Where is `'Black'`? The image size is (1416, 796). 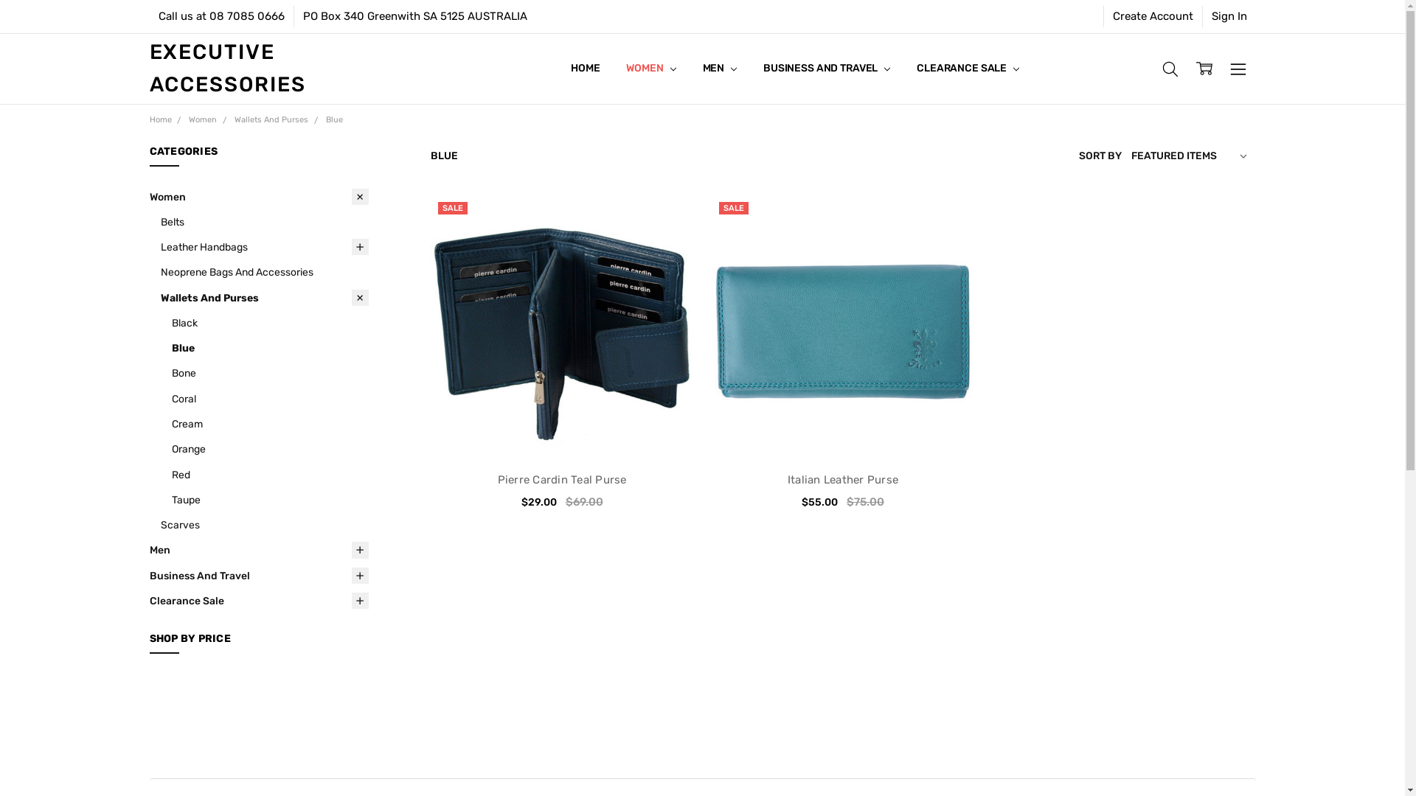 'Black' is located at coordinates (269, 322).